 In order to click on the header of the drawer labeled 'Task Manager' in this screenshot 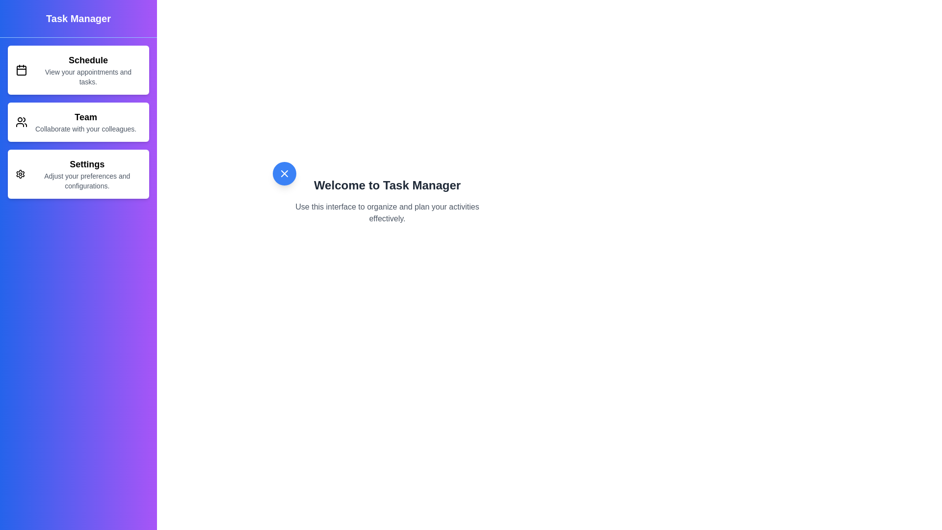, I will do `click(78, 19)`.